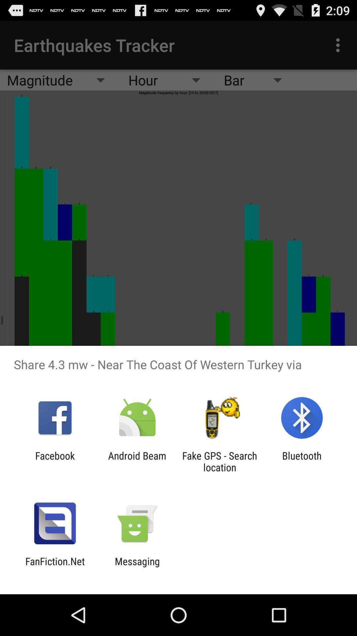 This screenshot has width=357, height=636. I want to click on the facebook app, so click(55, 461).